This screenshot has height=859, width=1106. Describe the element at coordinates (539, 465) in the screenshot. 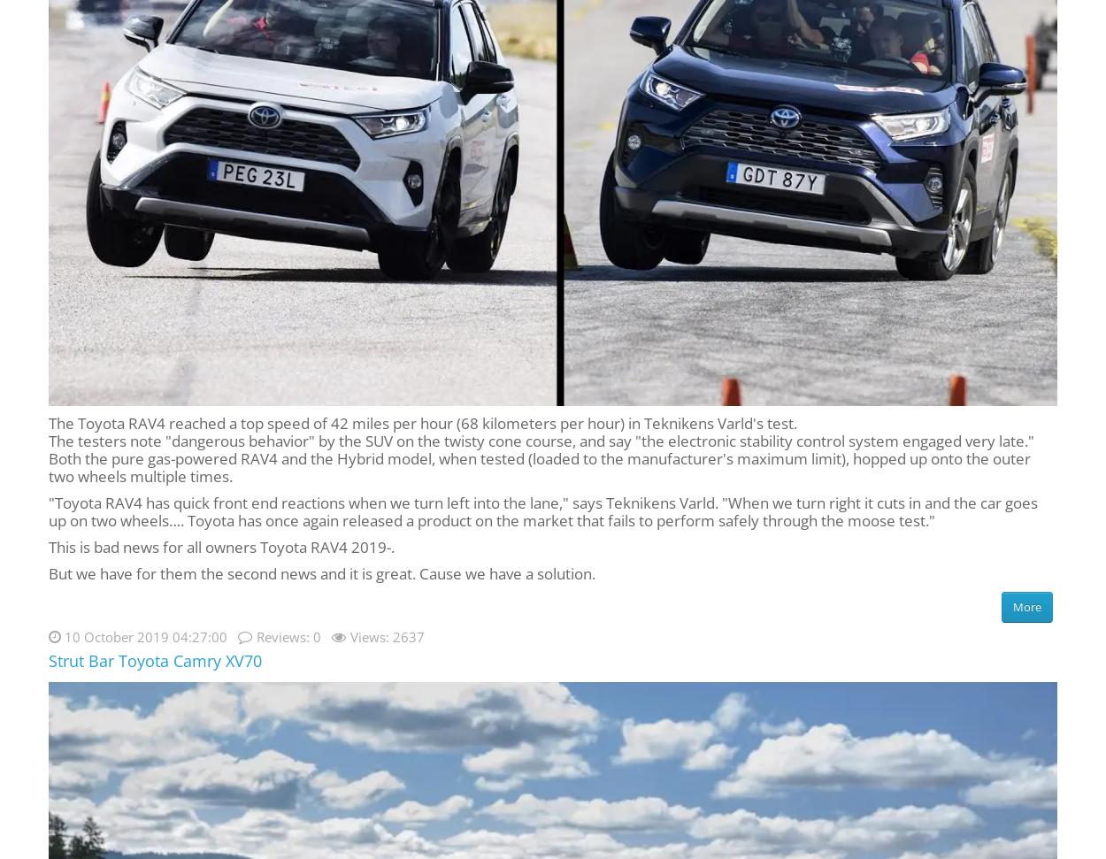

I see `'Both the pure gas-powered RAV4 and the Hybrid model, when tested (loaded to the manufacturer's maximum limit), hopped up onto the outer two wheels multiple times.'` at that location.